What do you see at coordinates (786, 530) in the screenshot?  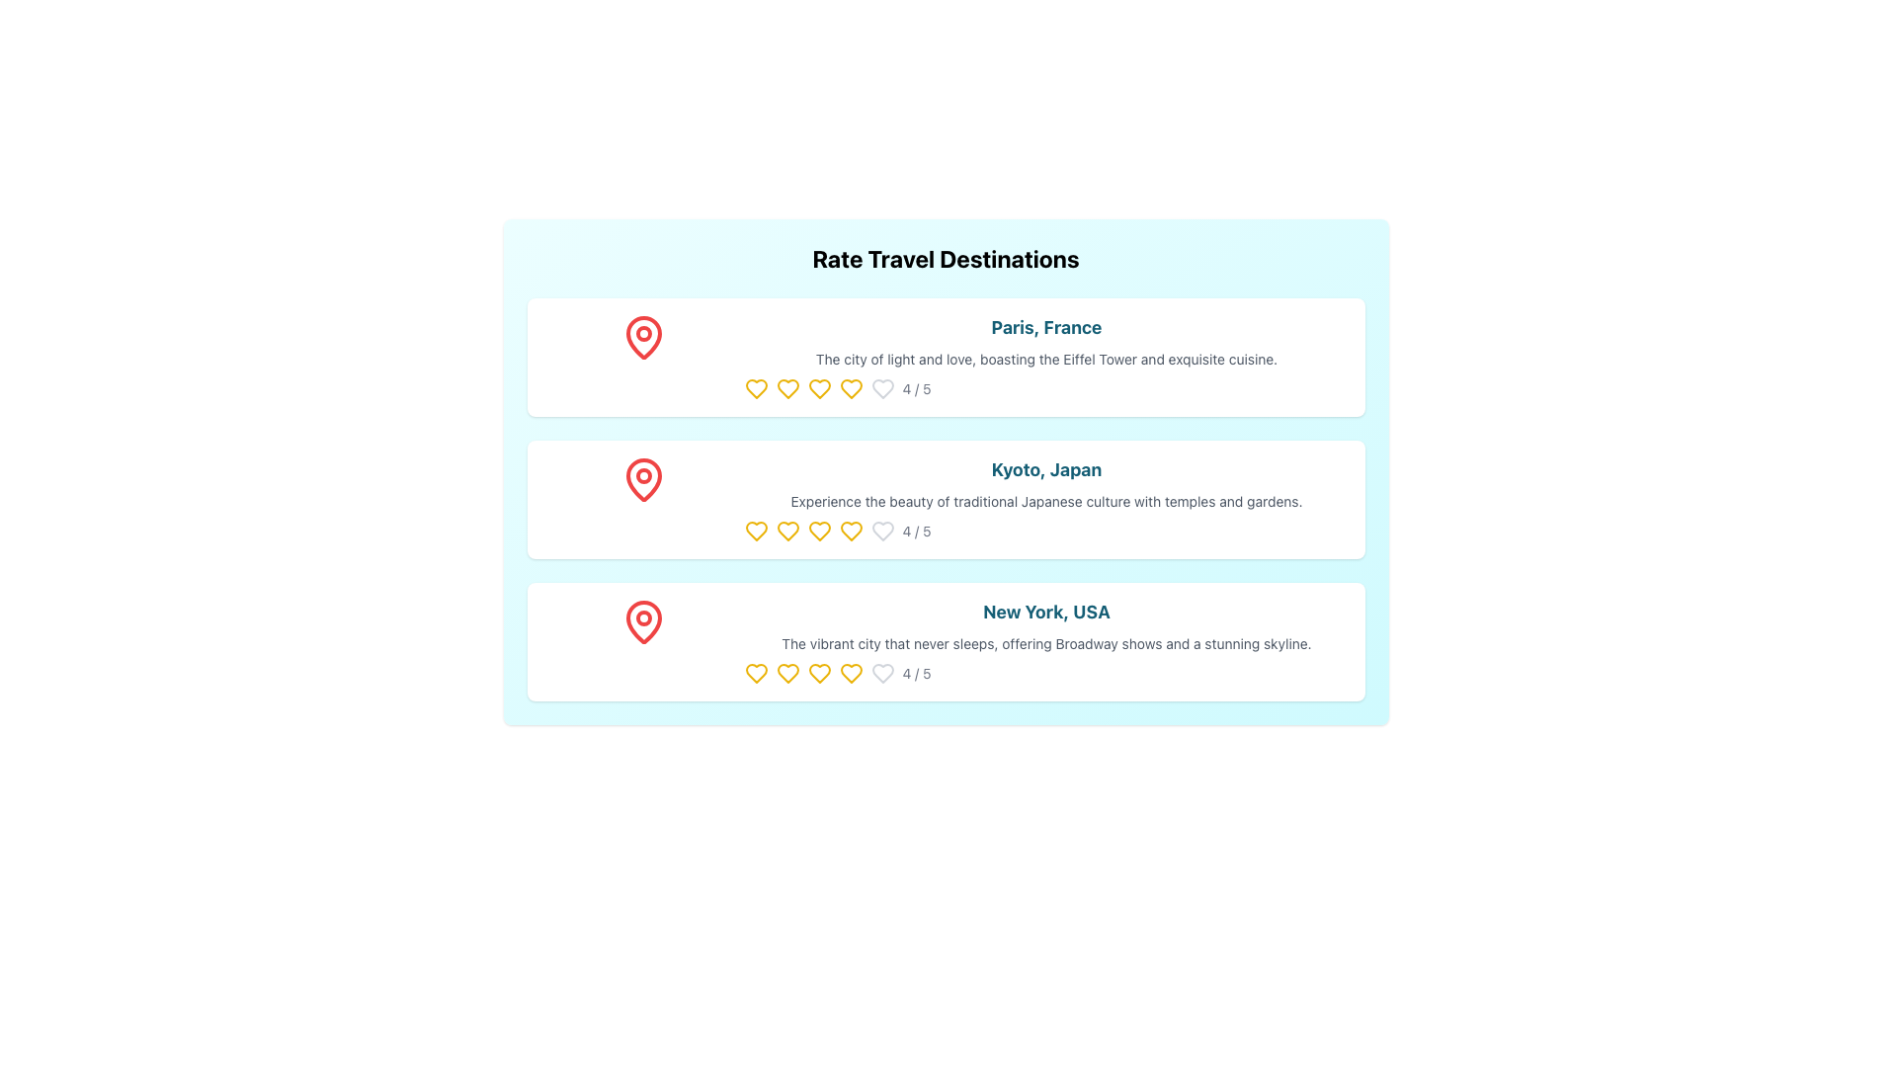 I see `the second heart-shaped rating icon styled in yellow under the 'Kyoto, Japan' section to enlarge it through CSS transformation effect` at bounding box center [786, 530].